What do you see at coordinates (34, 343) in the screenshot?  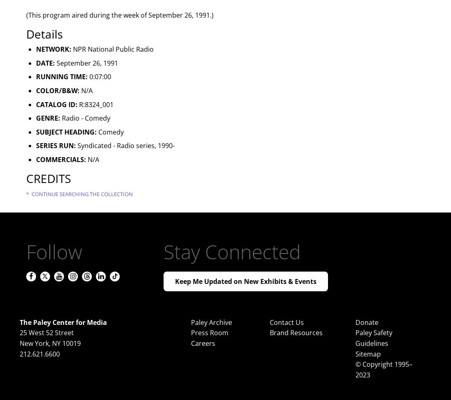 I see `'New York'` at bounding box center [34, 343].